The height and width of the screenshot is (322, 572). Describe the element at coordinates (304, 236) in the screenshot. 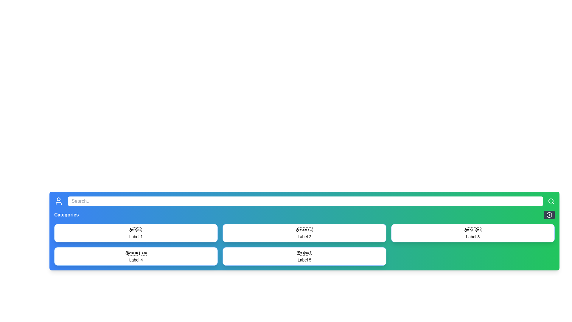

I see `the static text element labeled 'Label 2', which is styled in medium font, black color on a white background, located centrally within a rounded rectangle with a blue border` at that location.